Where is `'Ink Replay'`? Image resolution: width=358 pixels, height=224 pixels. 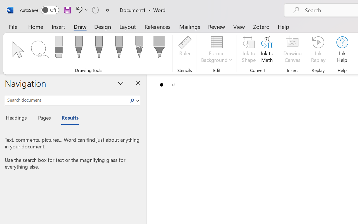
'Ink Replay' is located at coordinates (318, 50).